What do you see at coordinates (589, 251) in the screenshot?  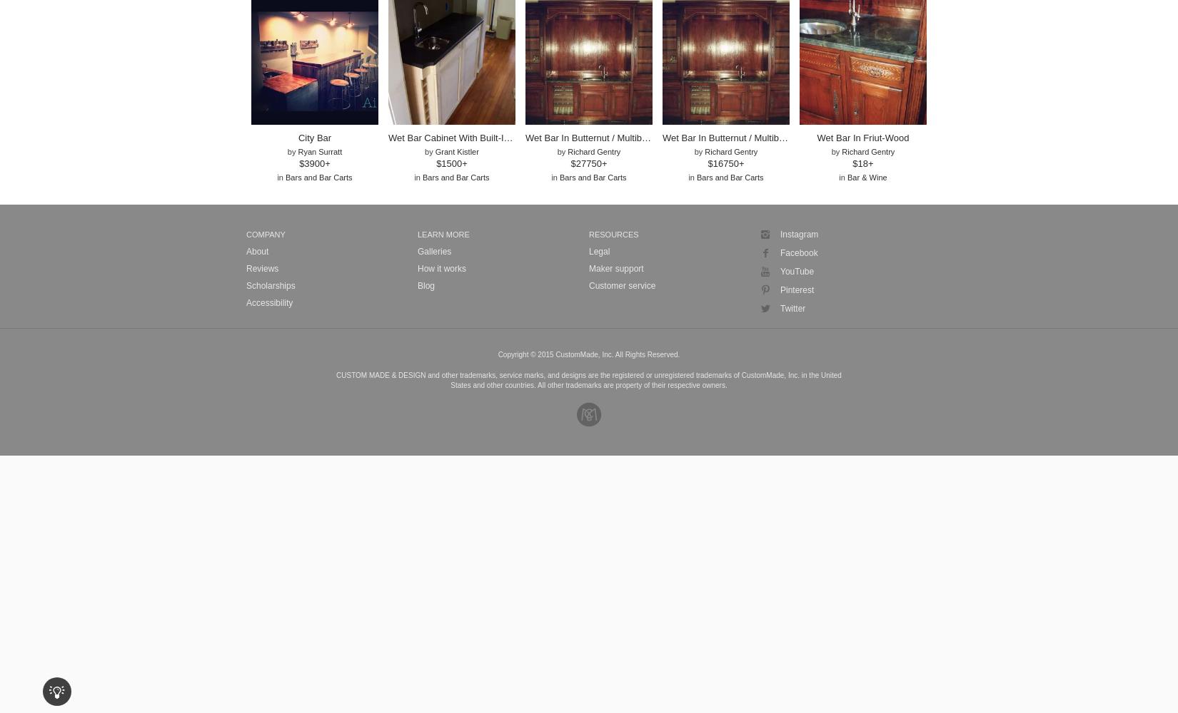 I see `'Legal'` at bounding box center [589, 251].